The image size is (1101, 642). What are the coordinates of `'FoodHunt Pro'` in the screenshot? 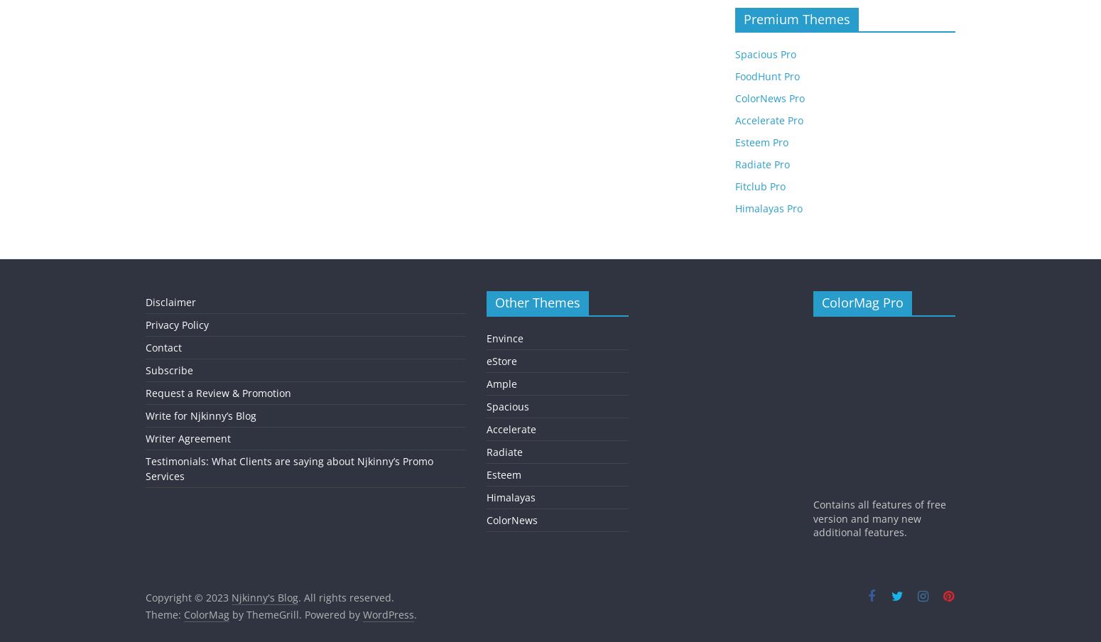 It's located at (767, 76).